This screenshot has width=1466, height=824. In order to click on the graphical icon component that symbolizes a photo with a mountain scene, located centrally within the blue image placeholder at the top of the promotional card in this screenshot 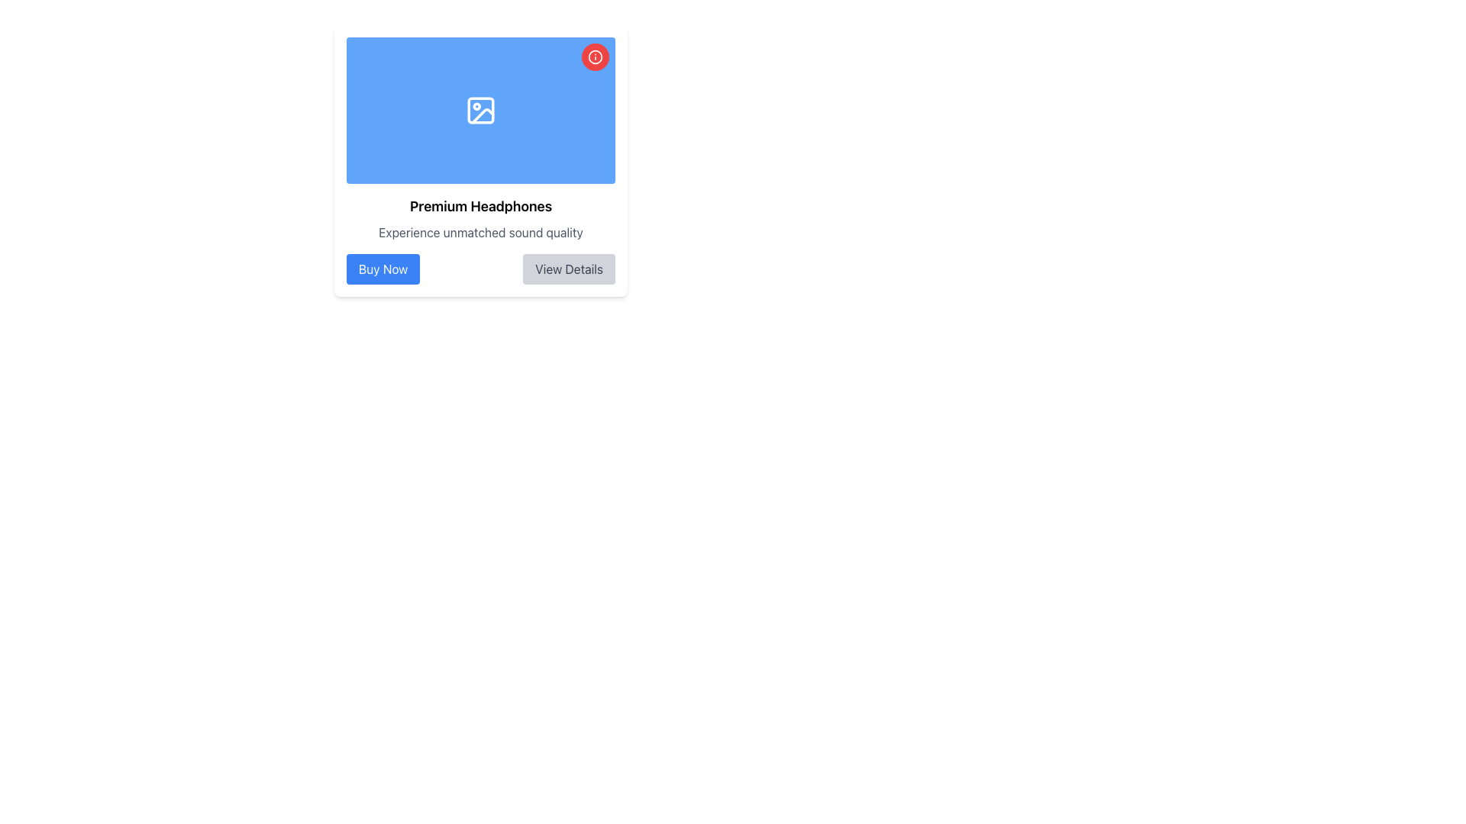, I will do `click(482, 115)`.